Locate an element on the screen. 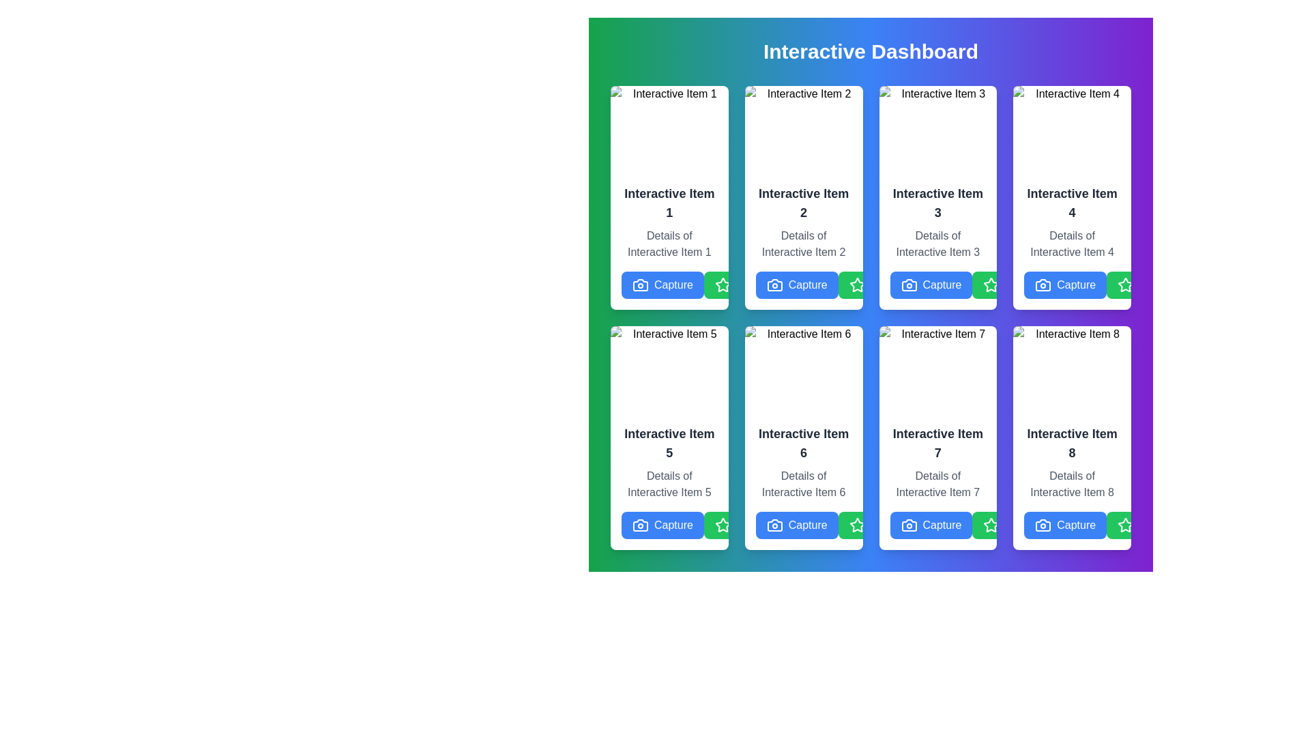 The width and height of the screenshot is (1310, 737). the image with placeholder text 'Item 1' located at the top of the card labeled 'Interactive Item 1.' is located at coordinates (669, 129).